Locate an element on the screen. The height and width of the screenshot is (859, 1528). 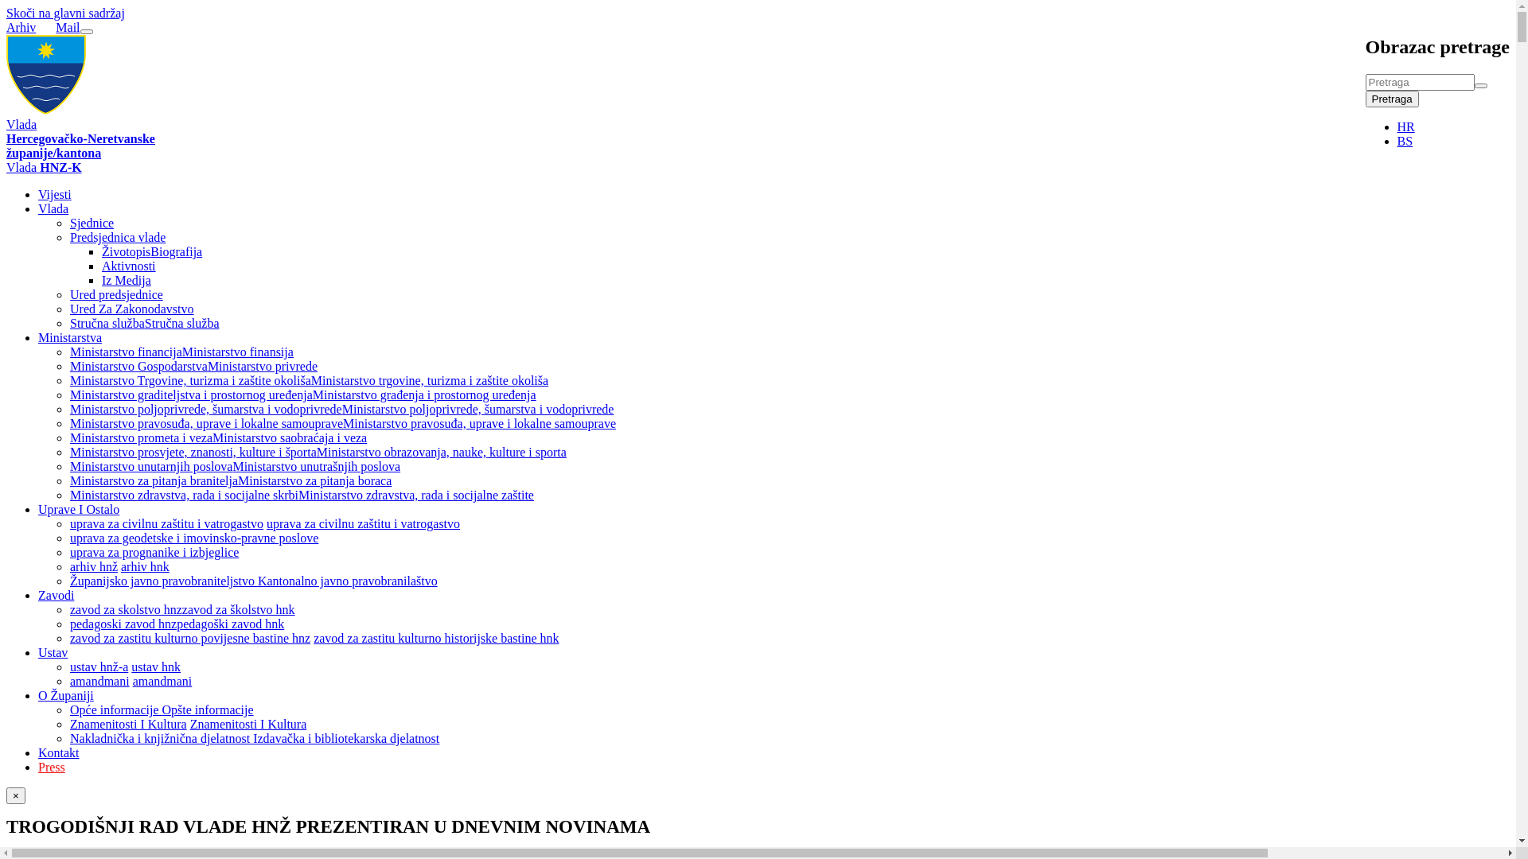
'Pretraga' is located at coordinates (1391, 99).